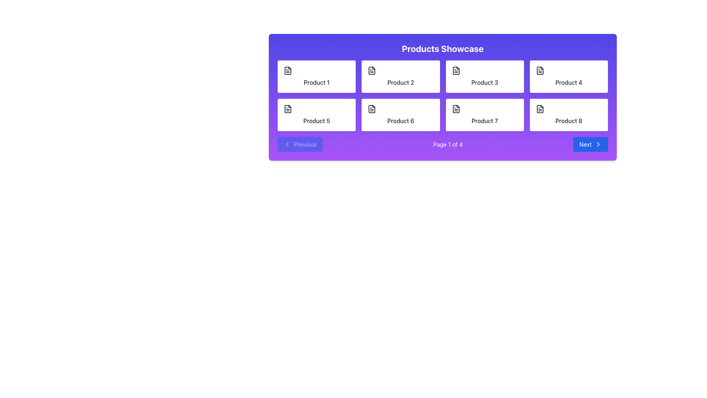 This screenshot has width=707, height=398. I want to click on the text label displaying 'Products Showcase' which is styled in large, bold typography and located at the top-center of the colorful box above the product grid, so click(442, 48).